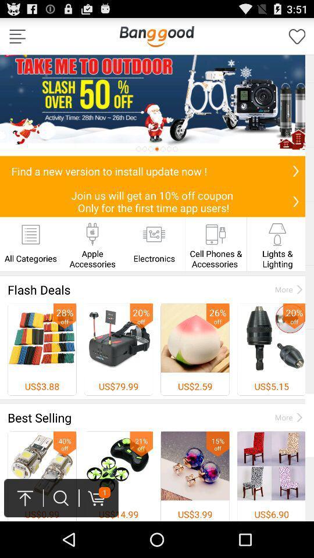  Describe the element at coordinates (295, 170) in the screenshot. I see `update` at that location.